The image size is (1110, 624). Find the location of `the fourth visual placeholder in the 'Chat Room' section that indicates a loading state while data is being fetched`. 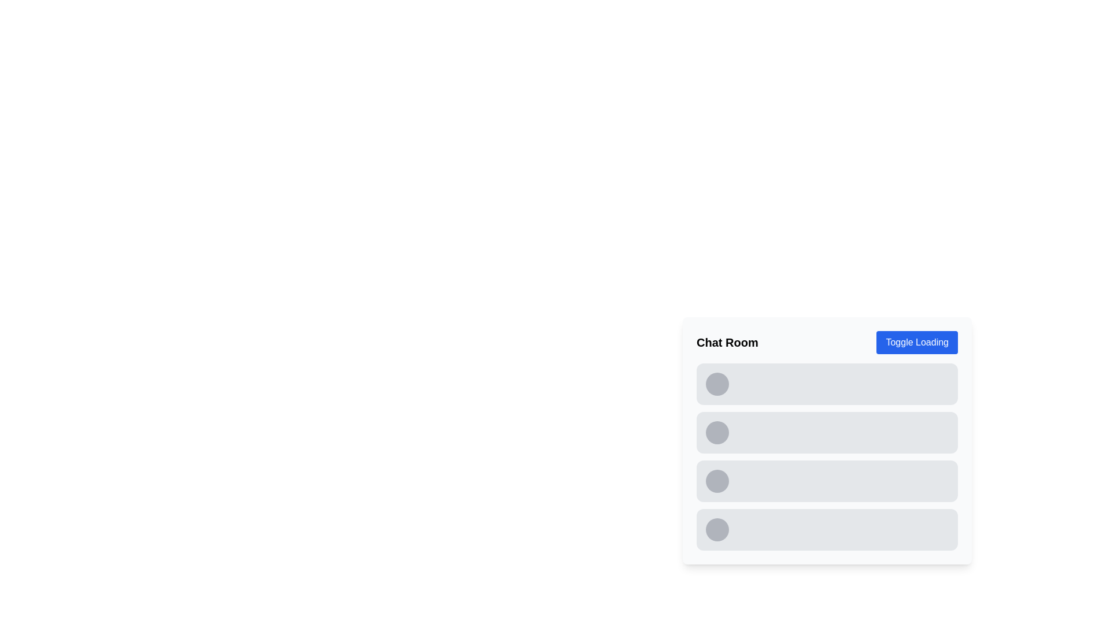

the fourth visual placeholder in the 'Chat Room' section that indicates a loading state while data is being fetched is located at coordinates (826, 530).